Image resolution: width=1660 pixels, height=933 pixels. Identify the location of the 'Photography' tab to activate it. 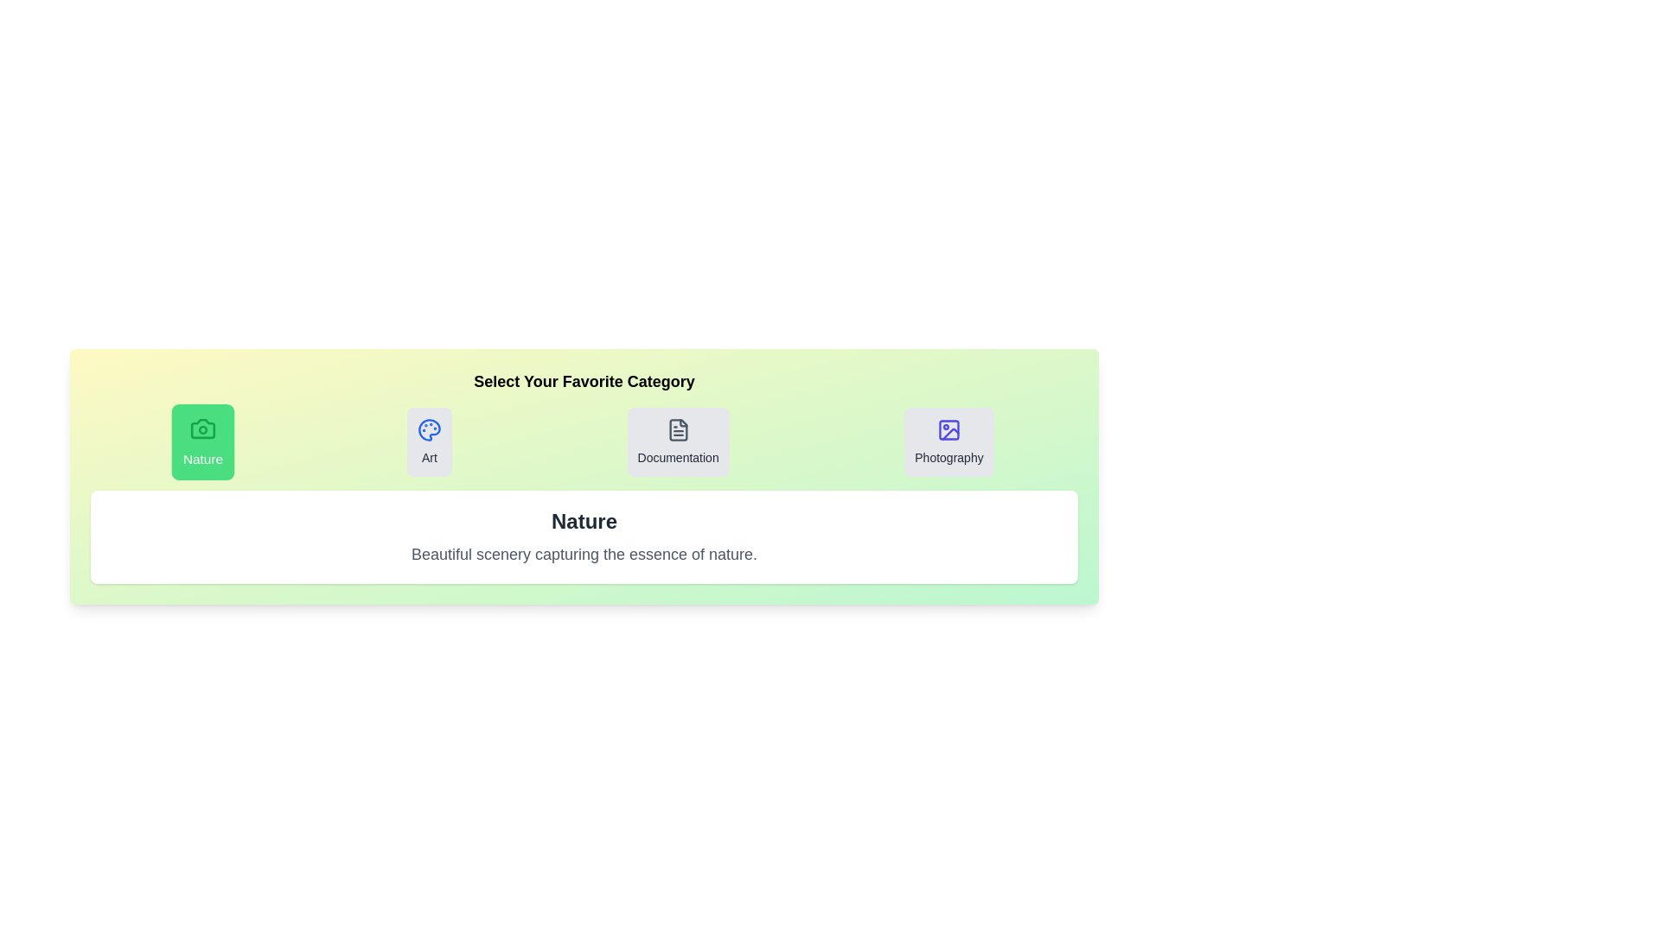
(948, 441).